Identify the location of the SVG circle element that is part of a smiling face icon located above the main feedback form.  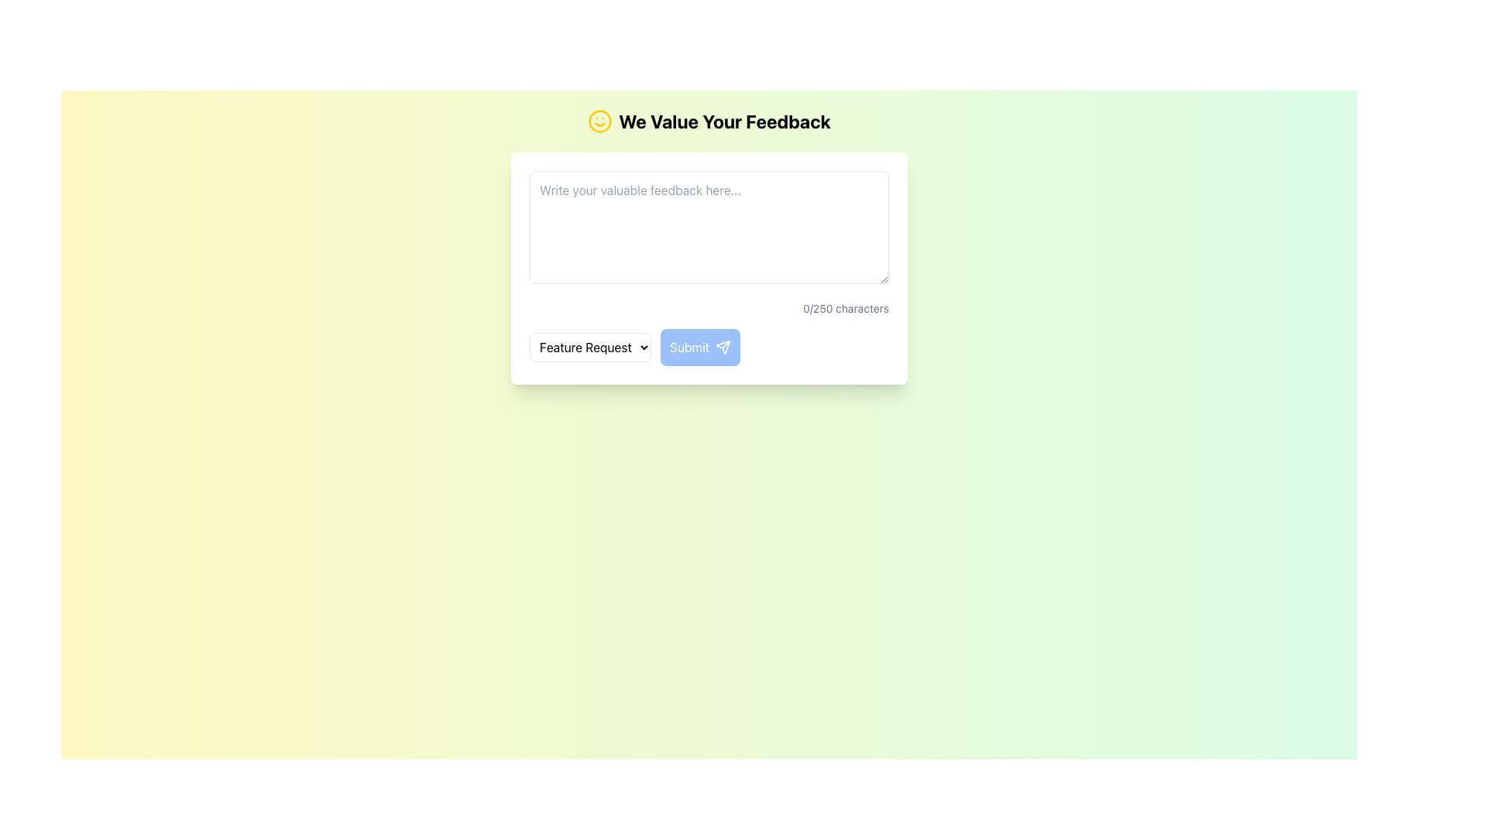
(599, 121).